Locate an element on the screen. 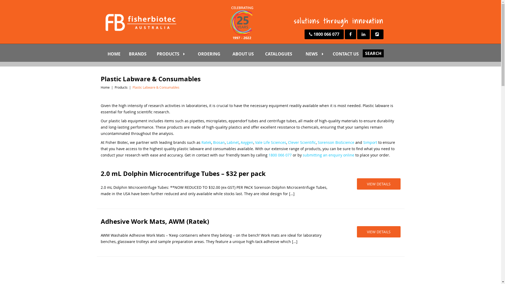  'CATALOGUES' is located at coordinates (284, 54).